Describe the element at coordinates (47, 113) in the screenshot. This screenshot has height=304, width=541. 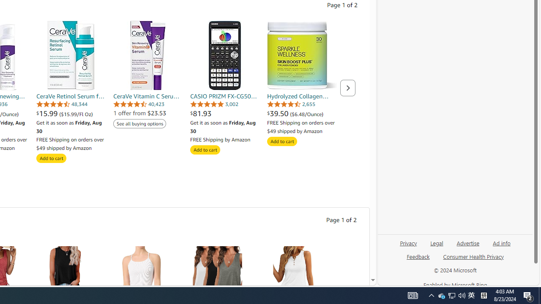
I see `'$15.99 '` at that location.